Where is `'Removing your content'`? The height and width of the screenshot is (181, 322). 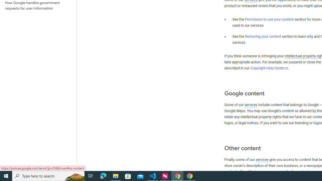
'Removing your content' is located at coordinates (263, 36).